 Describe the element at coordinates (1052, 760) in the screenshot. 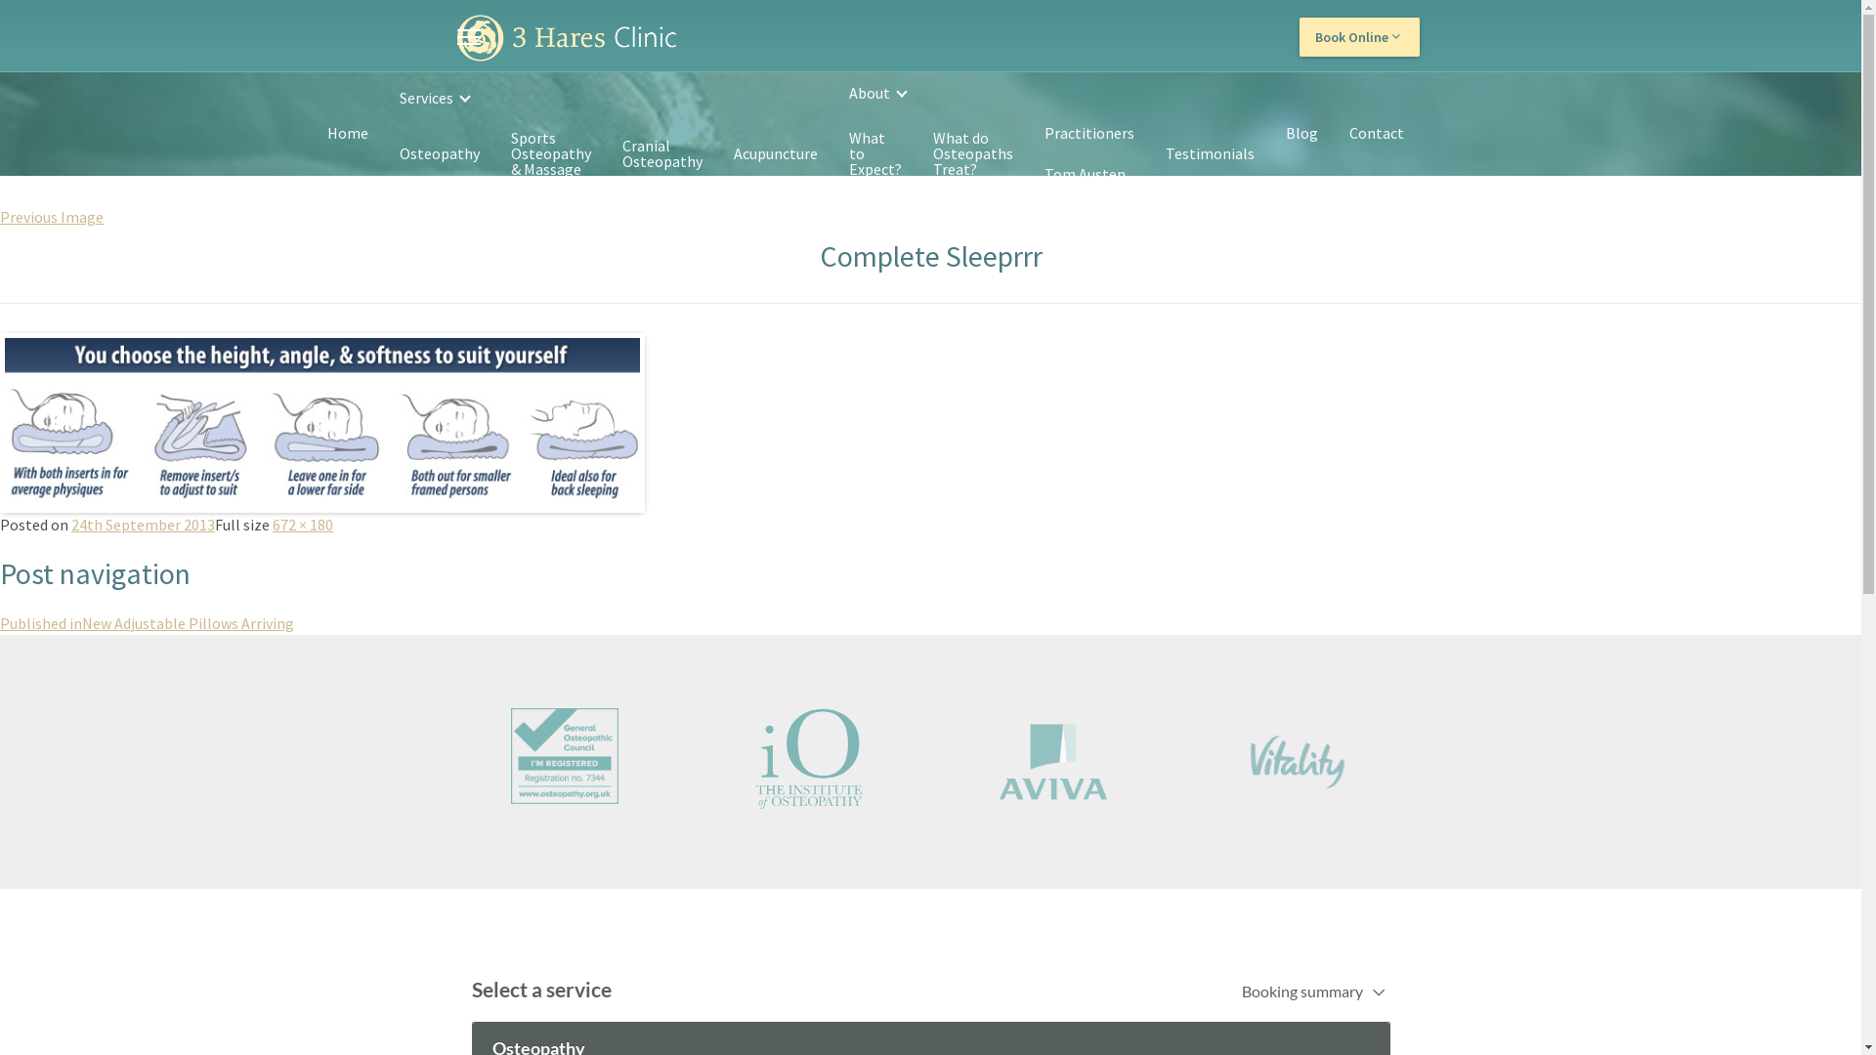

I see `'Aviva Health'` at that location.